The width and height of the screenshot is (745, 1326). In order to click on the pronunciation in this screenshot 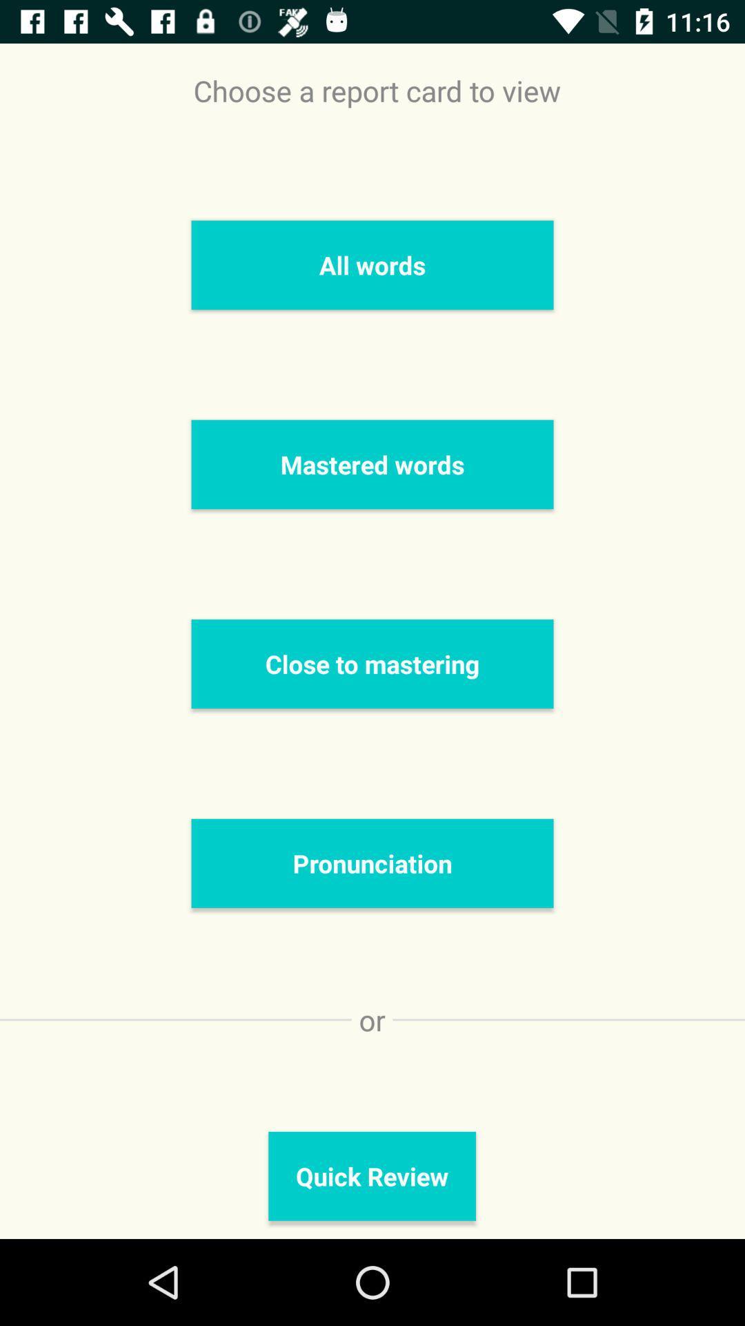, I will do `click(372, 863)`.